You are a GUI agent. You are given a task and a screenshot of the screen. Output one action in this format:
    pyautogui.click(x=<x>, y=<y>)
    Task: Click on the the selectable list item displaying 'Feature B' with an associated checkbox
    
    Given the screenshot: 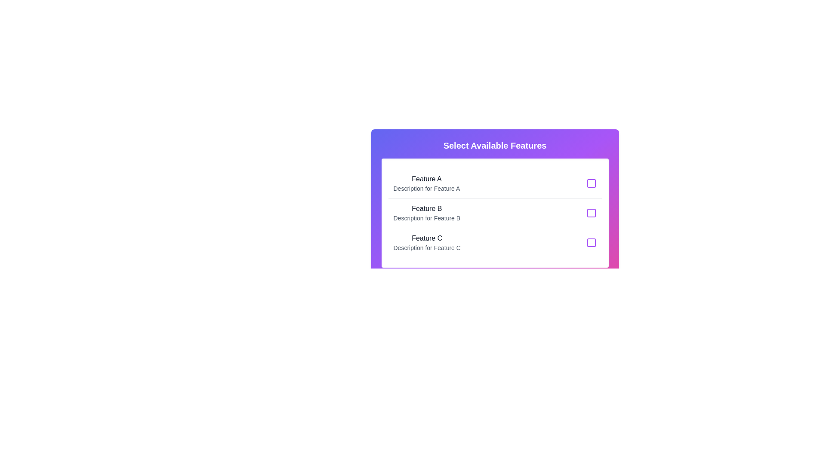 What is the action you would take?
    pyautogui.click(x=495, y=213)
    